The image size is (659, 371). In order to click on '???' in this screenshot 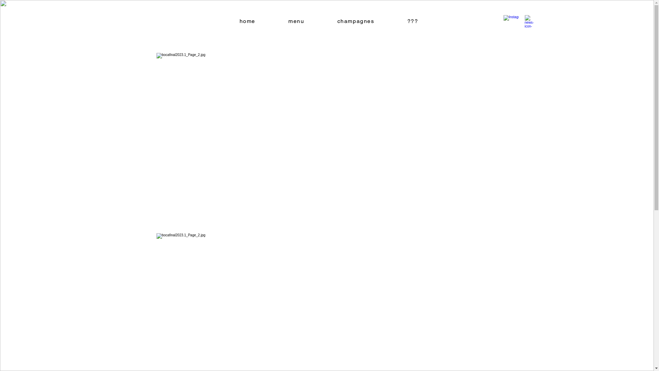, I will do `click(413, 21)`.